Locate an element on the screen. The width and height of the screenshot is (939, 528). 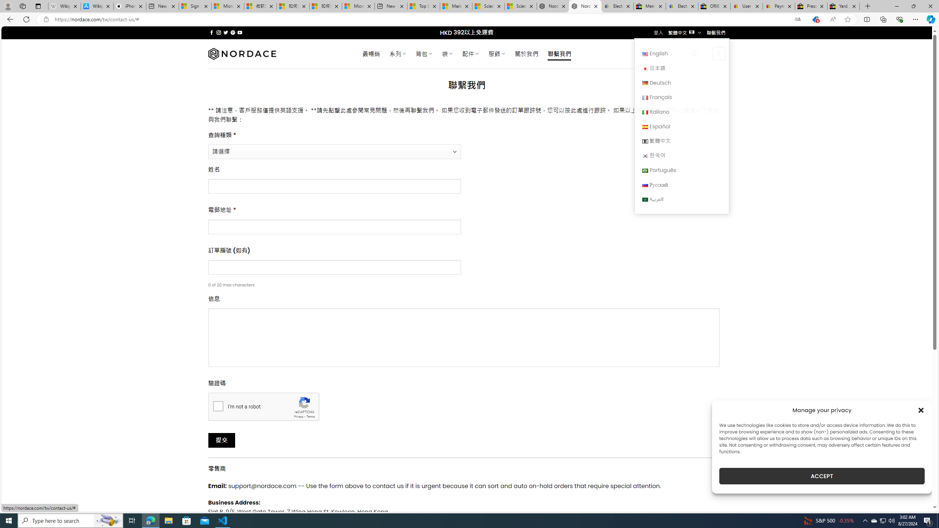
'Show translate options' is located at coordinates (797, 19).